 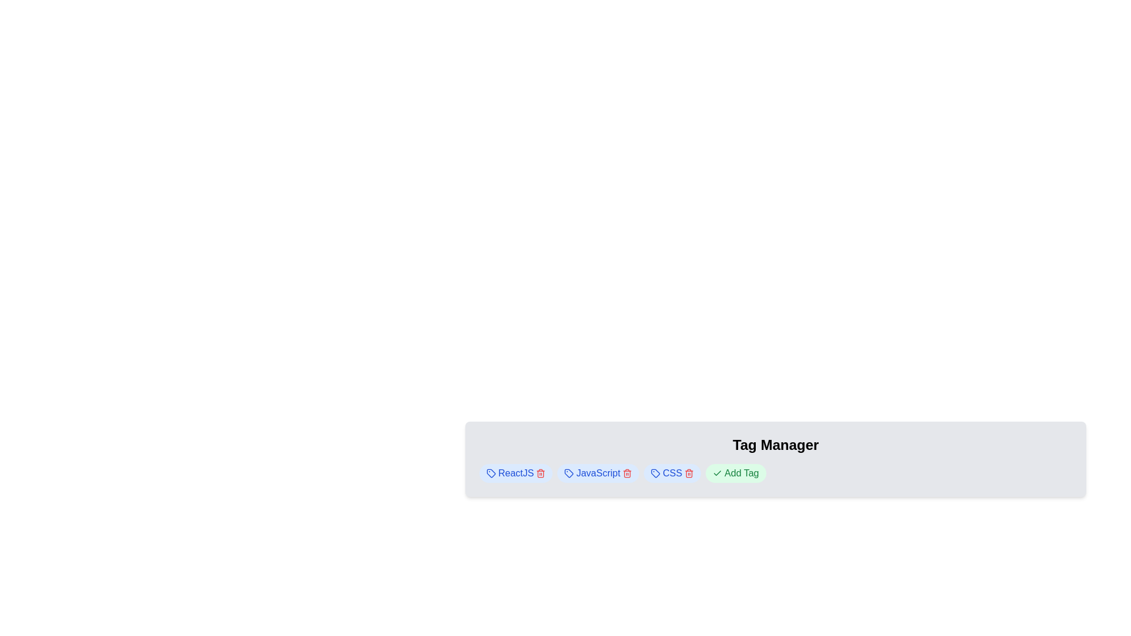 I want to click on the delete icon associated with the 'ReactJS' tag displayed as the first element in the horizontal list of tags, so click(x=516, y=472).